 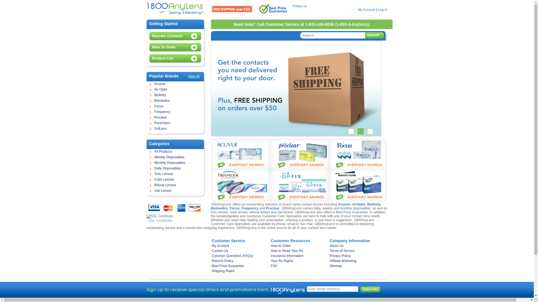 I want to click on 'Follow us', so click(x=292, y=6).